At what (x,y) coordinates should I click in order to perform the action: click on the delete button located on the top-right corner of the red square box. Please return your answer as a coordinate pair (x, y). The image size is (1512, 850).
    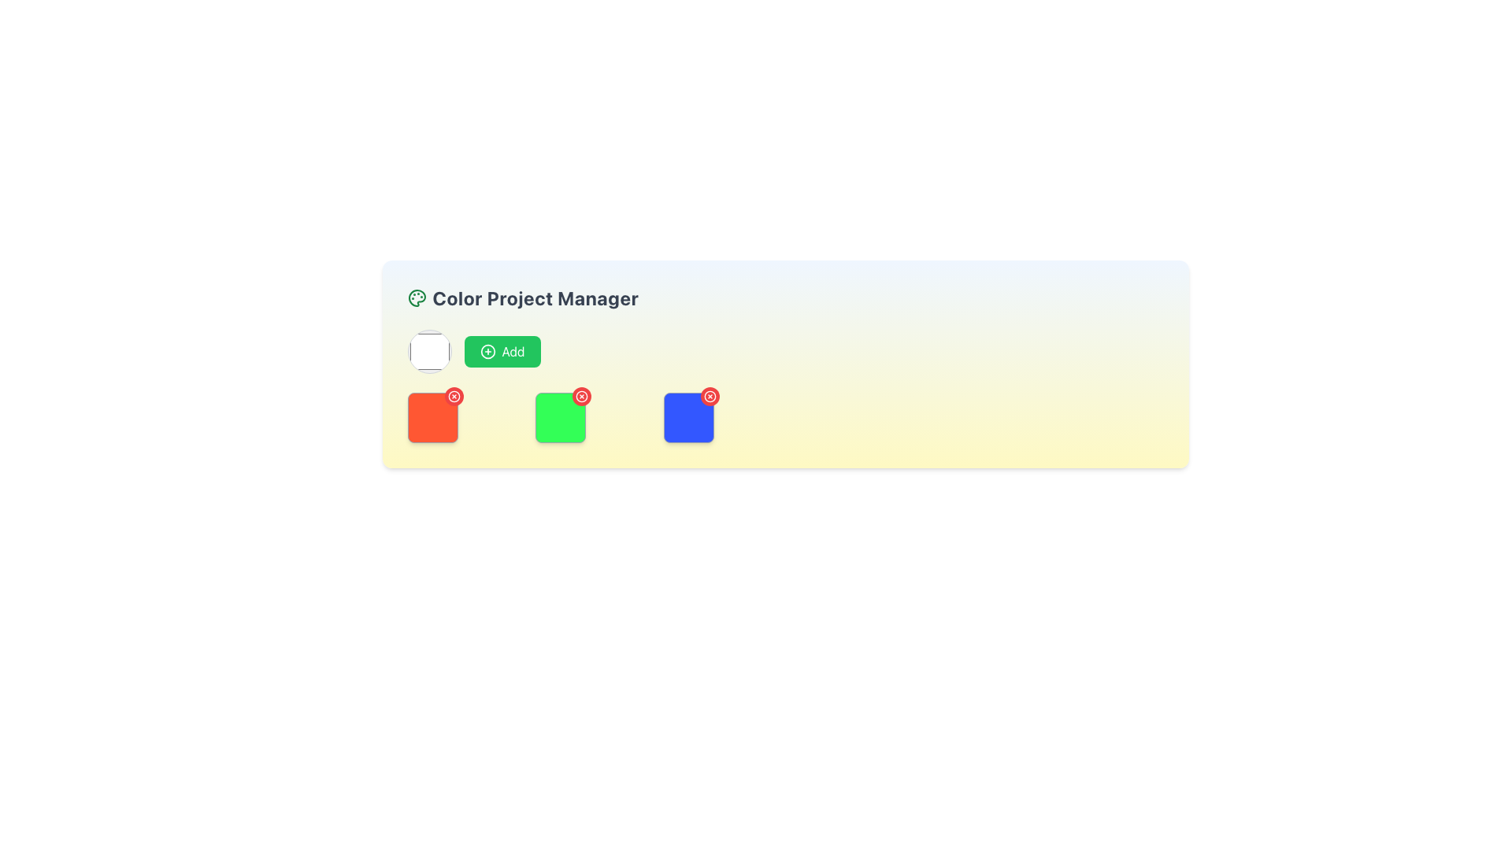
    Looking at the image, I should click on (453, 396).